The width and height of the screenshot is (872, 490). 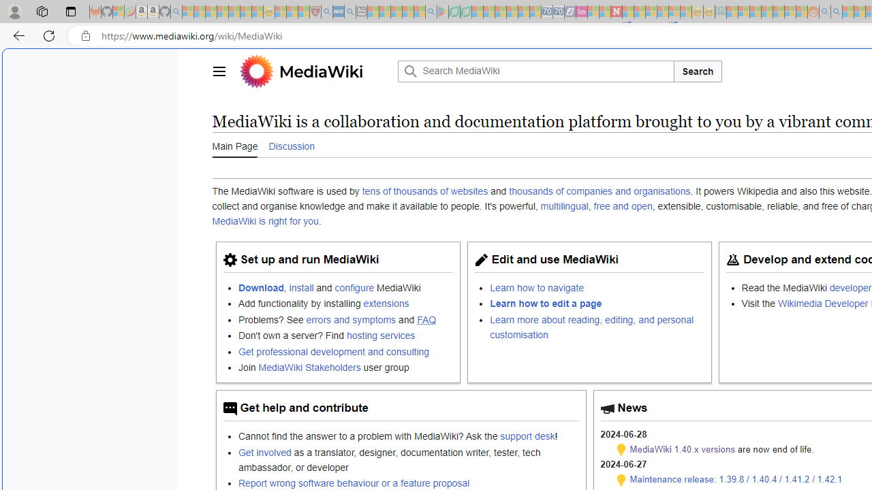 What do you see at coordinates (320, 71) in the screenshot?
I see `'MediaWiki'` at bounding box center [320, 71].